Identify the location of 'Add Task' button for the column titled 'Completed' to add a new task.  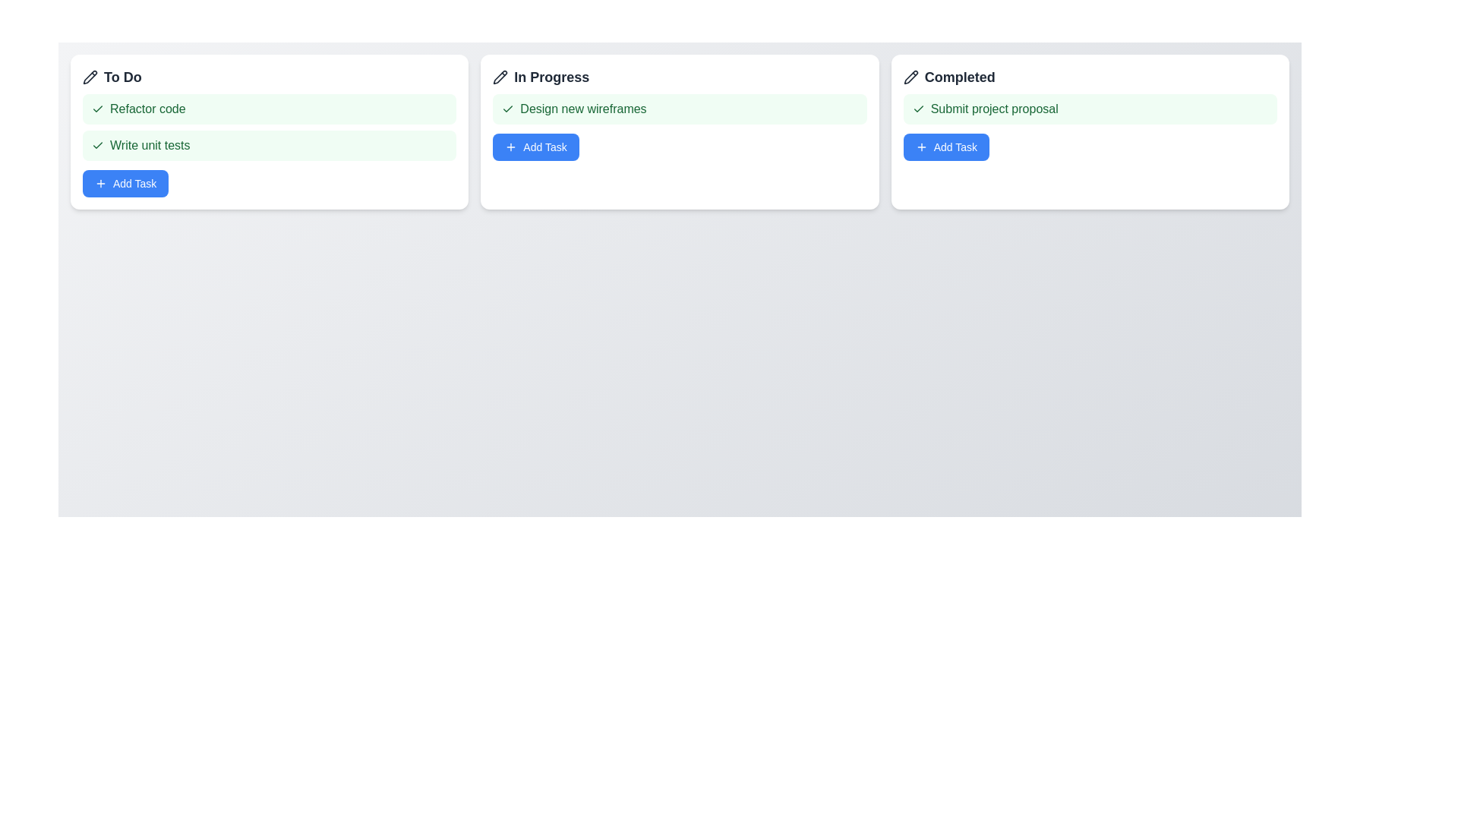
(945, 147).